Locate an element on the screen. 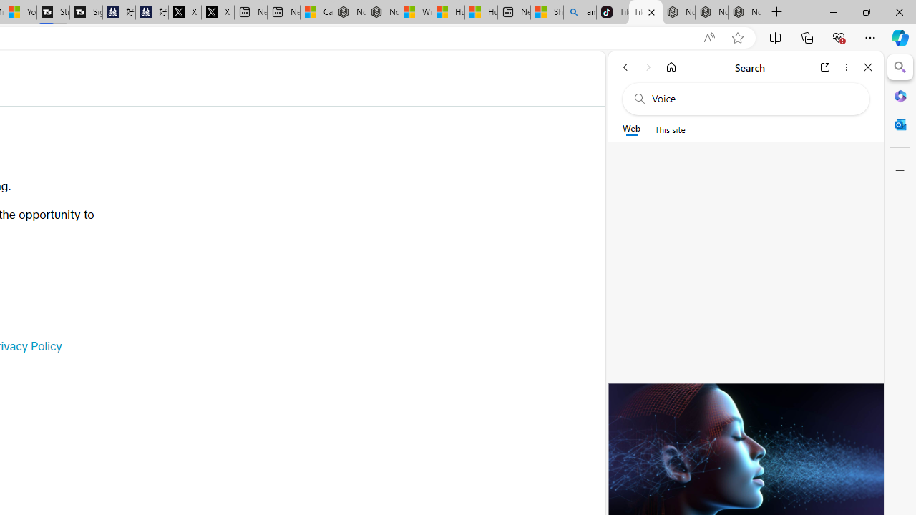 The width and height of the screenshot is (916, 515). 'Outlook' is located at coordinates (900, 124).